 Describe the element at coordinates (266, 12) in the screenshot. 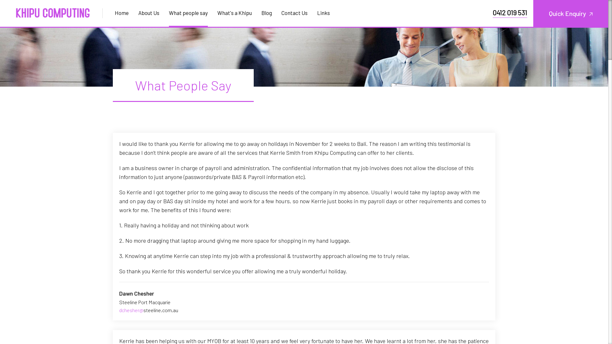

I see `'Blog'` at that location.